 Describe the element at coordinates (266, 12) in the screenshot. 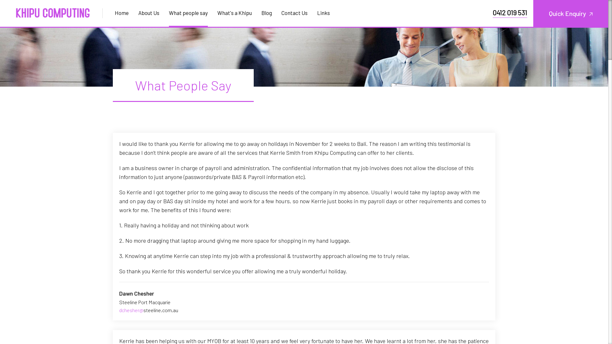

I see `'Blog'` at that location.